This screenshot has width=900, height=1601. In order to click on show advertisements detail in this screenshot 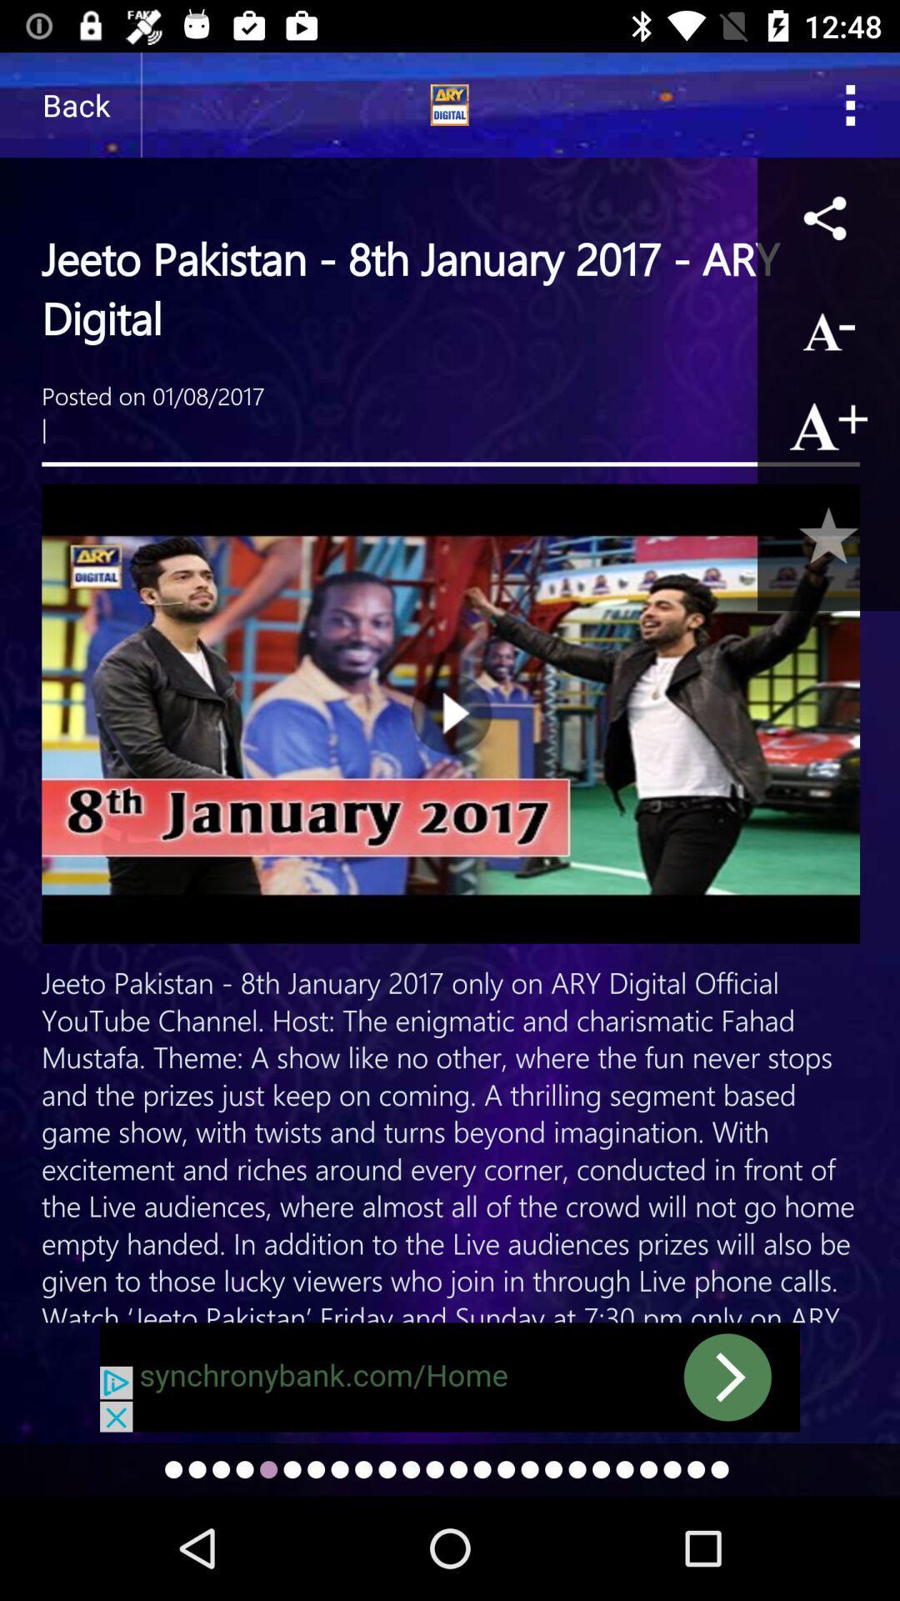, I will do `click(450, 1377)`.